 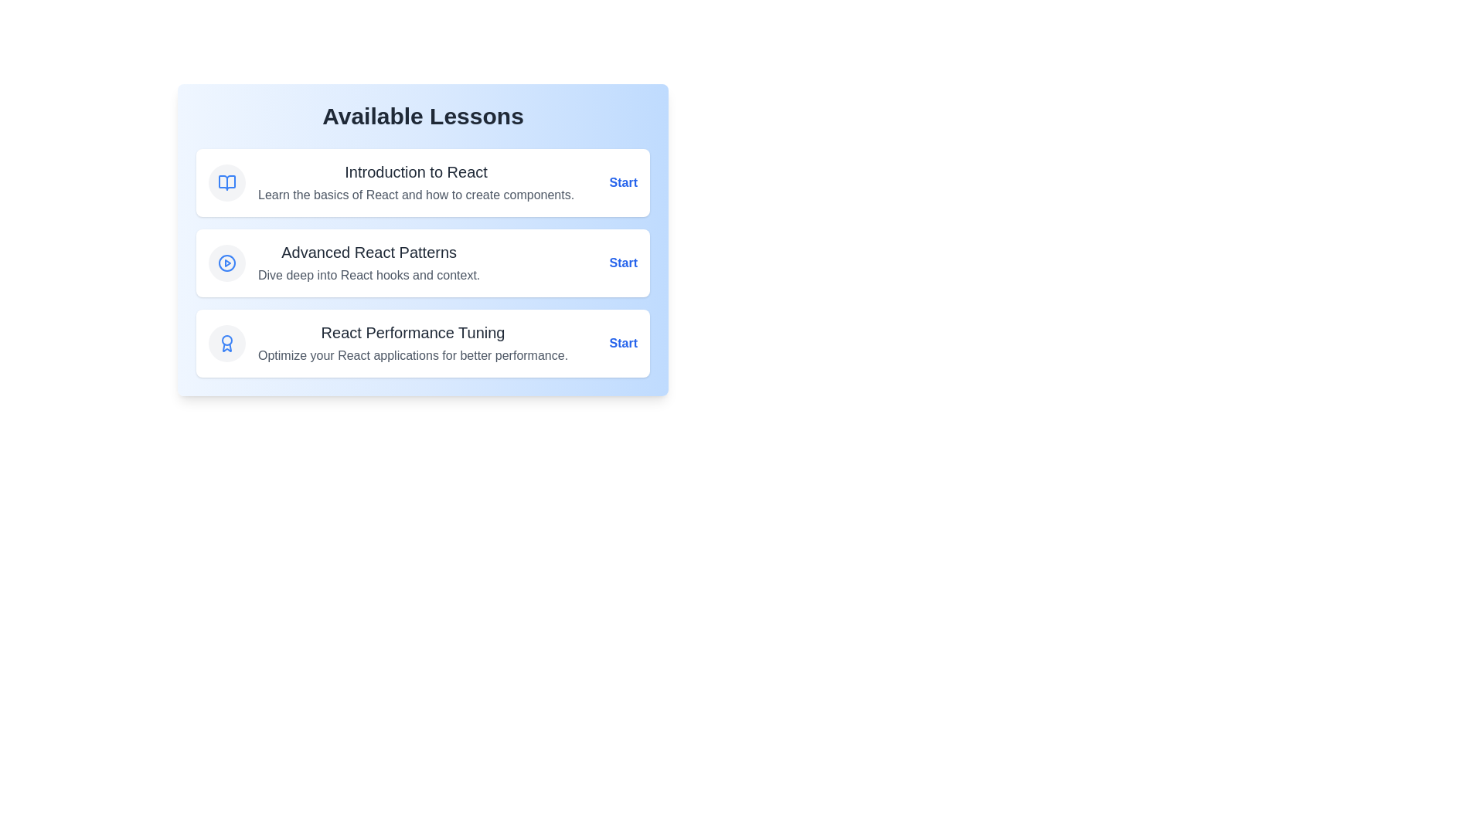 What do you see at coordinates (623, 181) in the screenshot?
I see `the 'Start' link for the lesson titled Introduction to React` at bounding box center [623, 181].